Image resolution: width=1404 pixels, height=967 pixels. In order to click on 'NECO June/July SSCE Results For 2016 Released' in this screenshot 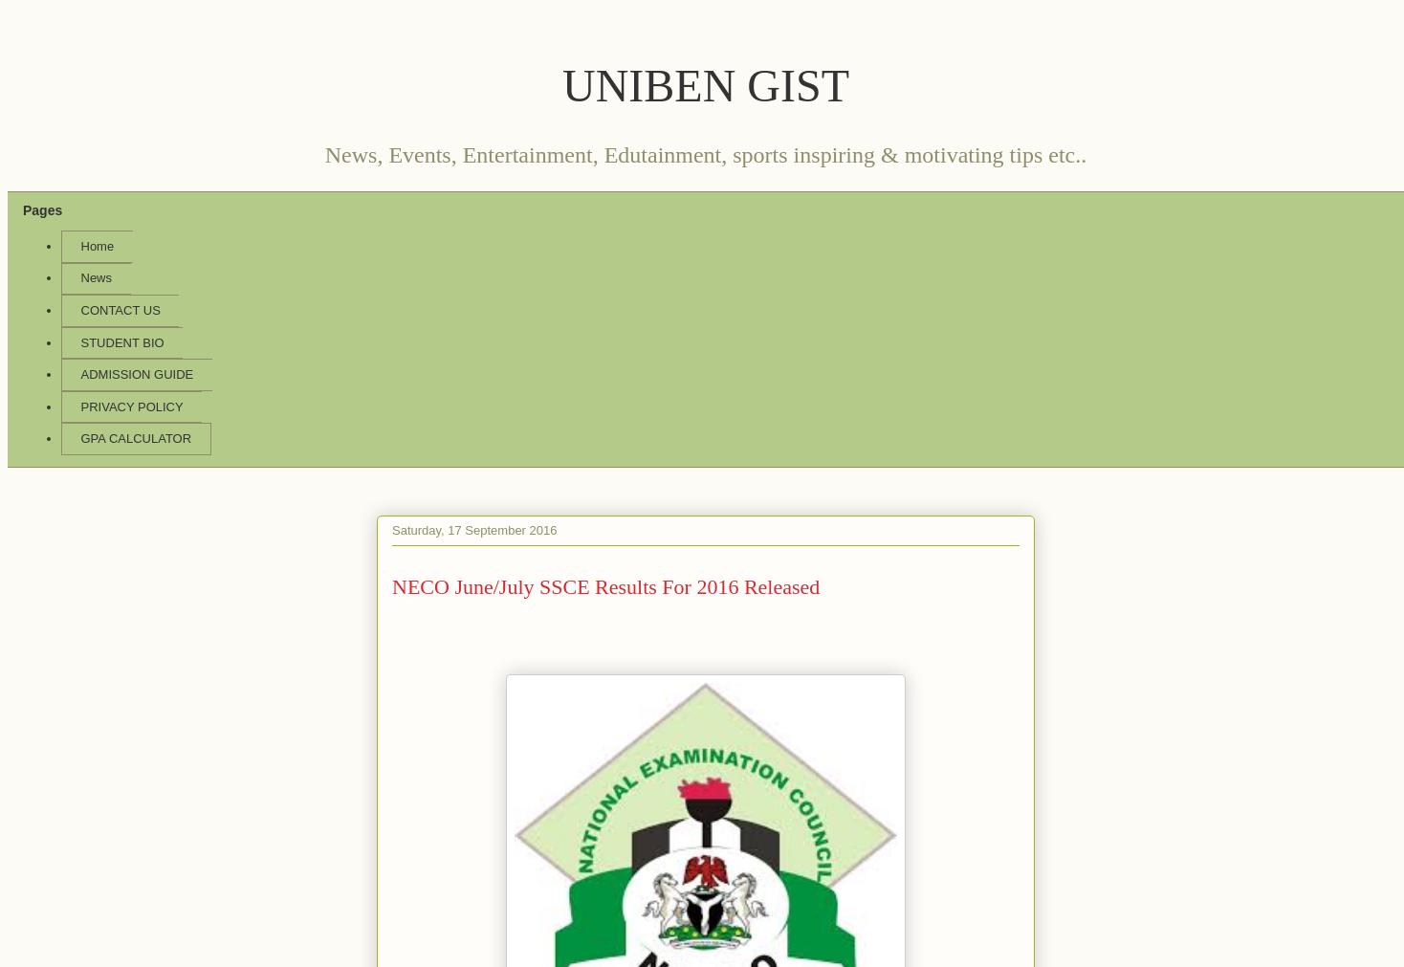, I will do `click(391, 586)`.